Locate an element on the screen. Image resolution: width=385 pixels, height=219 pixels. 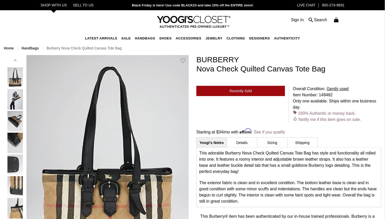
'149482' is located at coordinates (325, 94).